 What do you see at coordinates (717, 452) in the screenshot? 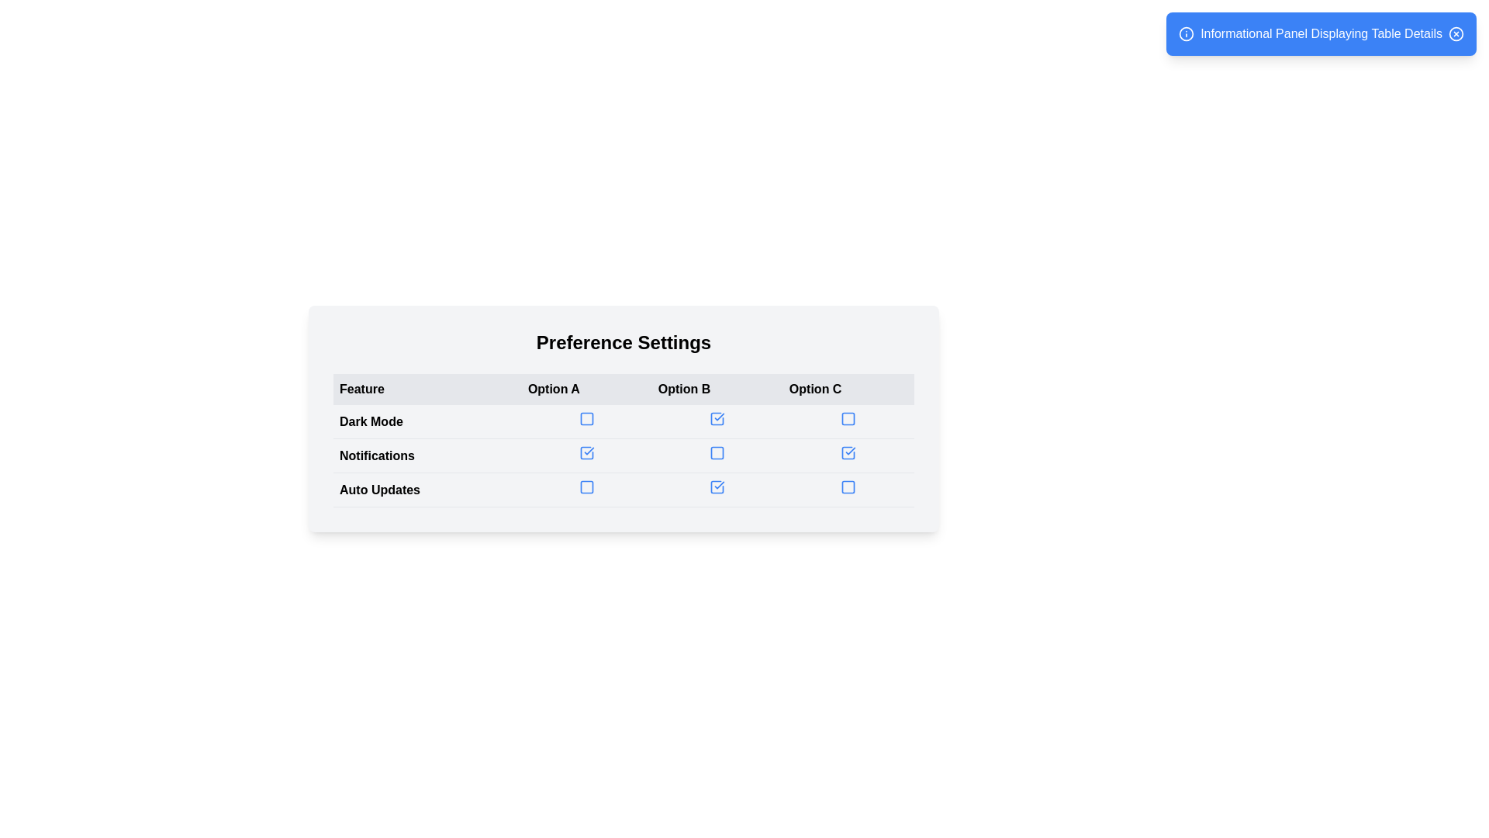
I see `the checkbox for 'Option B' under 'Notifications' in the 'Preference Settings' section to activate it for keyboard-based interactions` at bounding box center [717, 452].